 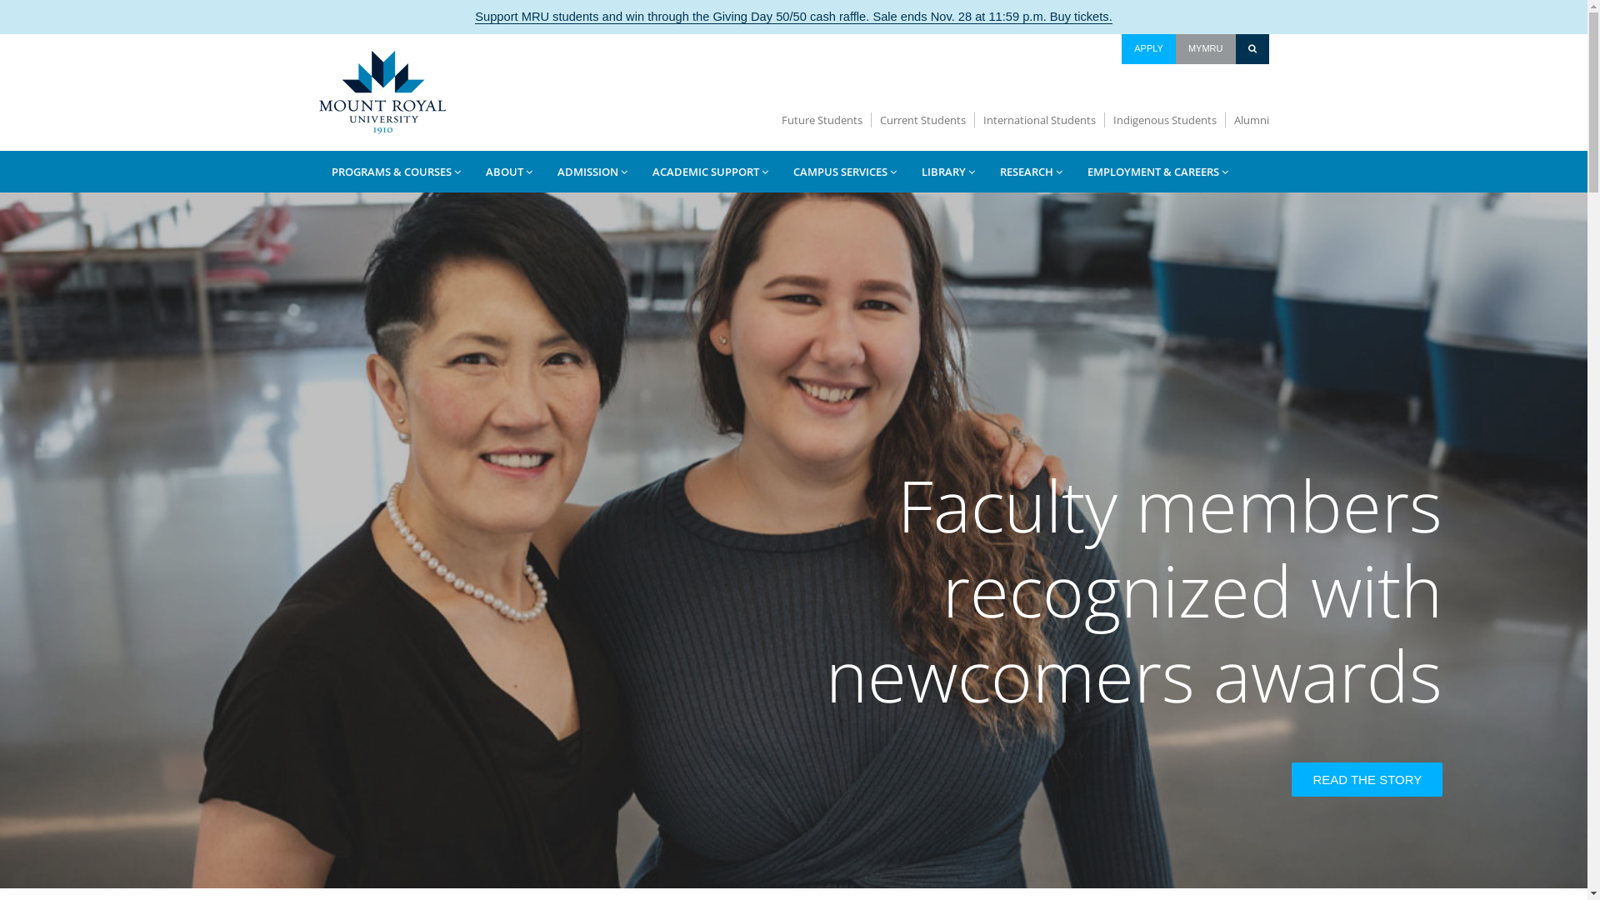 What do you see at coordinates (822, 119) in the screenshot?
I see `'Future Students'` at bounding box center [822, 119].